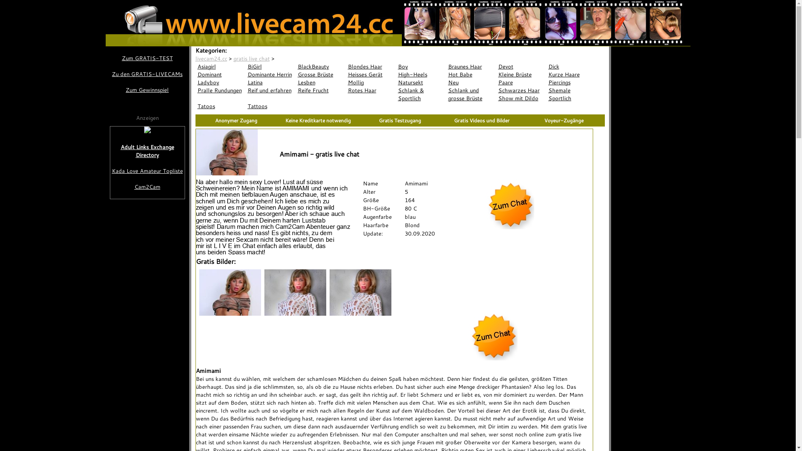 The height and width of the screenshot is (451, 802). Describe the element at coordinates (521, 98) in the screenshot. I see `'Show mit Dildo'` at that location.